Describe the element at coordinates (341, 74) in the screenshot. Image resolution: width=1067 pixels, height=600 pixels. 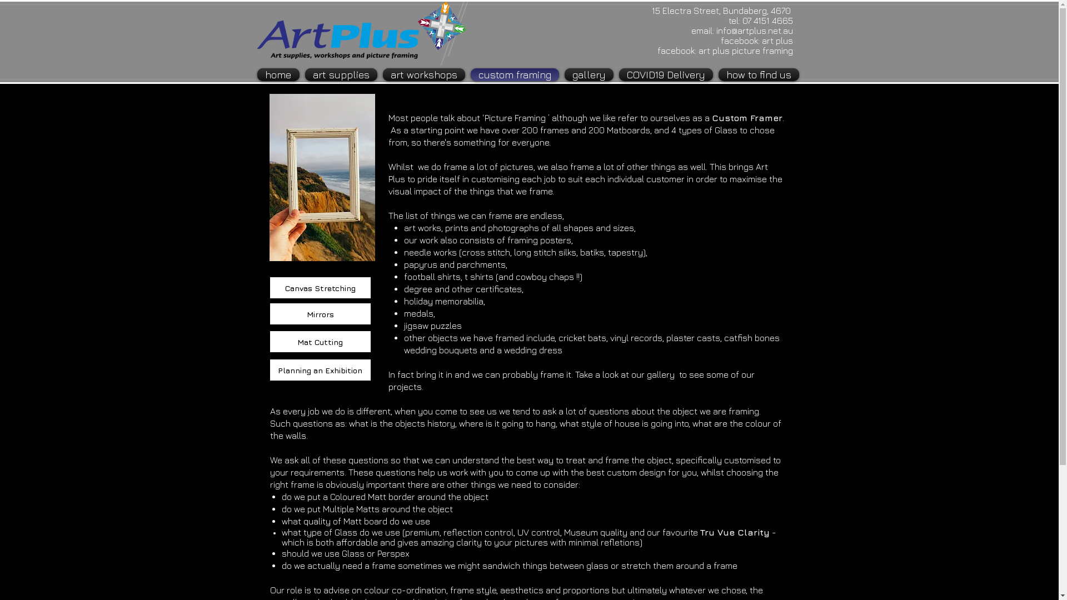
I see `'art supplies'` at that location.